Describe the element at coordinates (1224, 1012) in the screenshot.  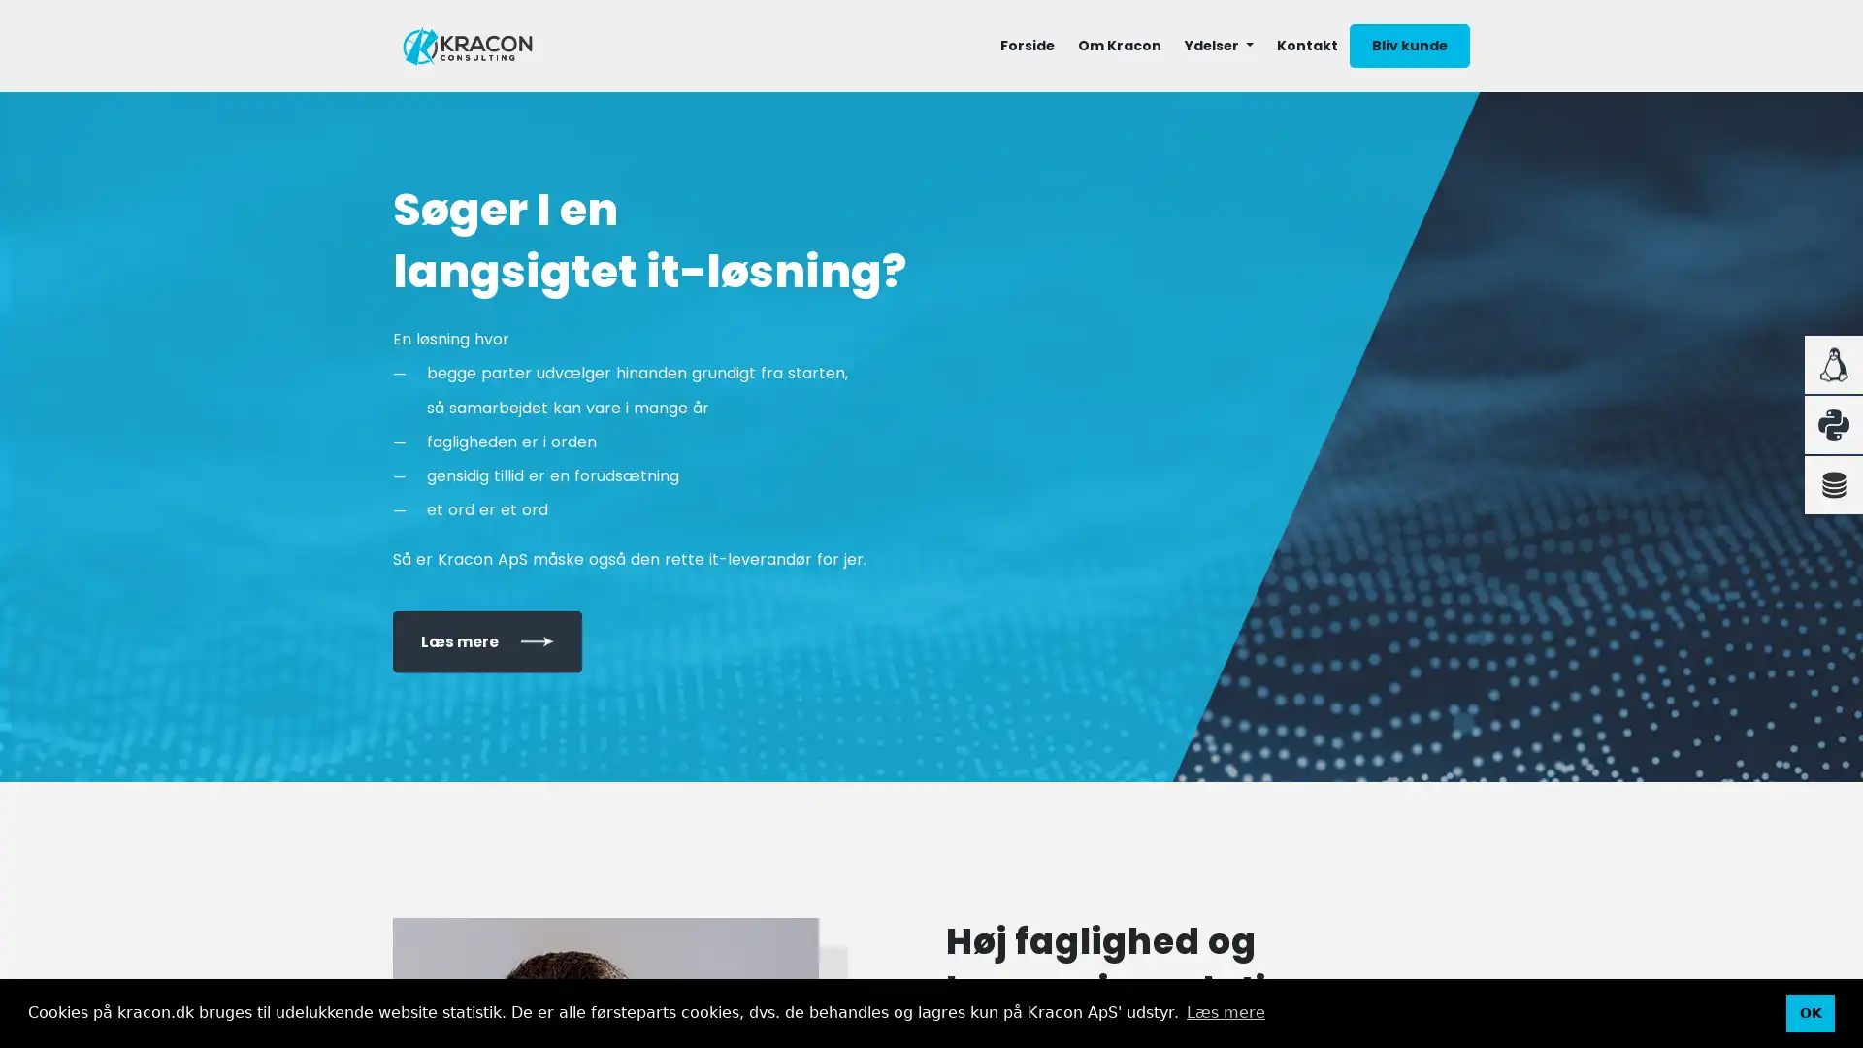
I see `learn more about cookies` at that location.